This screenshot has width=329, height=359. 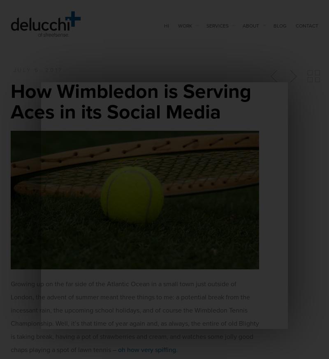 I want to click on 'Services', so click(x=217, y=25).